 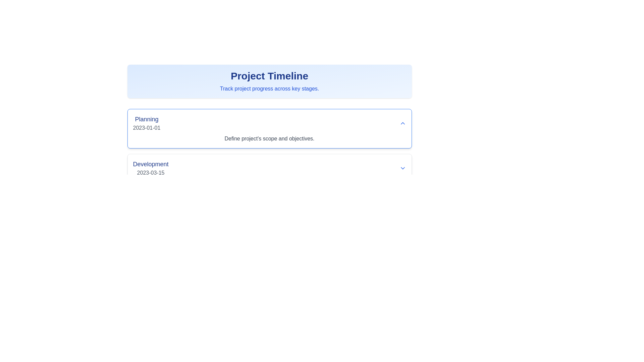 What do you see at coordinates (269, 81) in the screenshot?
I see `the header section titled 'Project Timeline' which contains the subtitle 'Track project progress across key stages.'` at bounding box center [269, 81].